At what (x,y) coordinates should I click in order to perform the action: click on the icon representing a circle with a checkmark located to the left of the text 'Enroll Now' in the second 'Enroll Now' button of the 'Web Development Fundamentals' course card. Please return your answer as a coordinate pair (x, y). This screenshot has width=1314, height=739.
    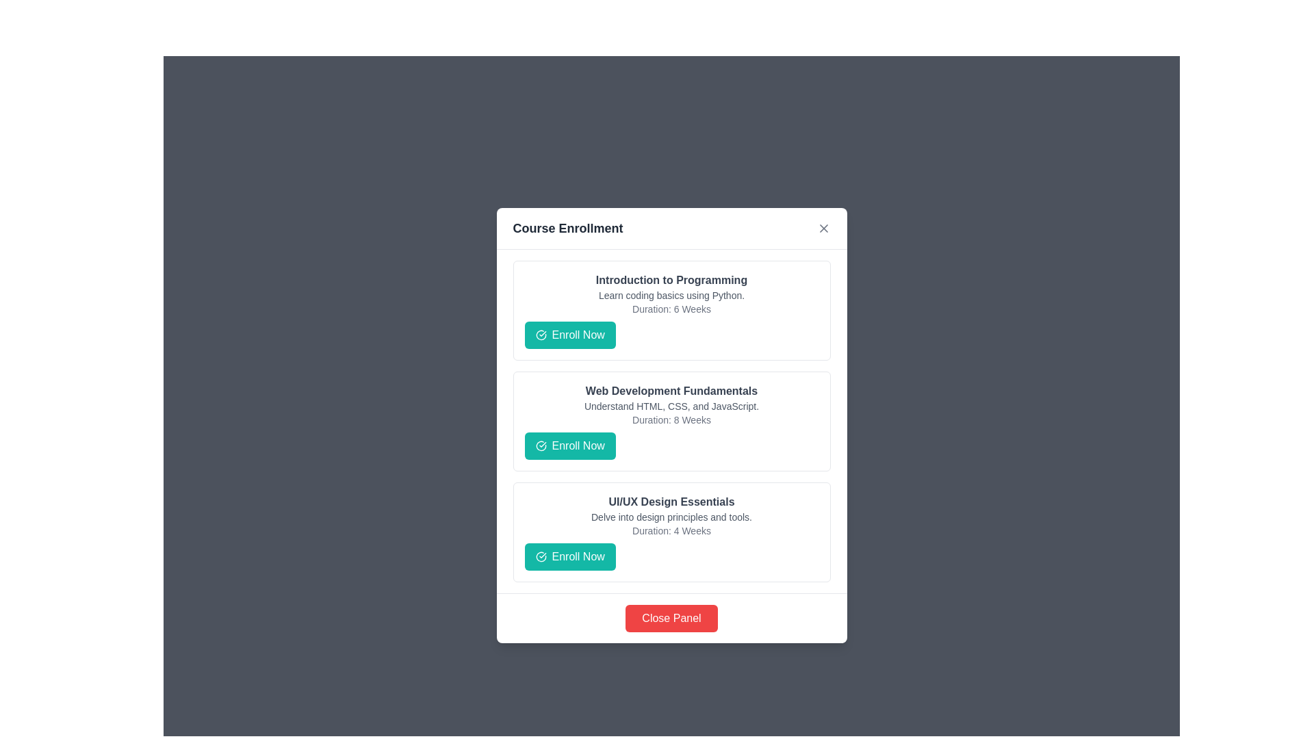
    Looking at the image, I should click on (540, 445).